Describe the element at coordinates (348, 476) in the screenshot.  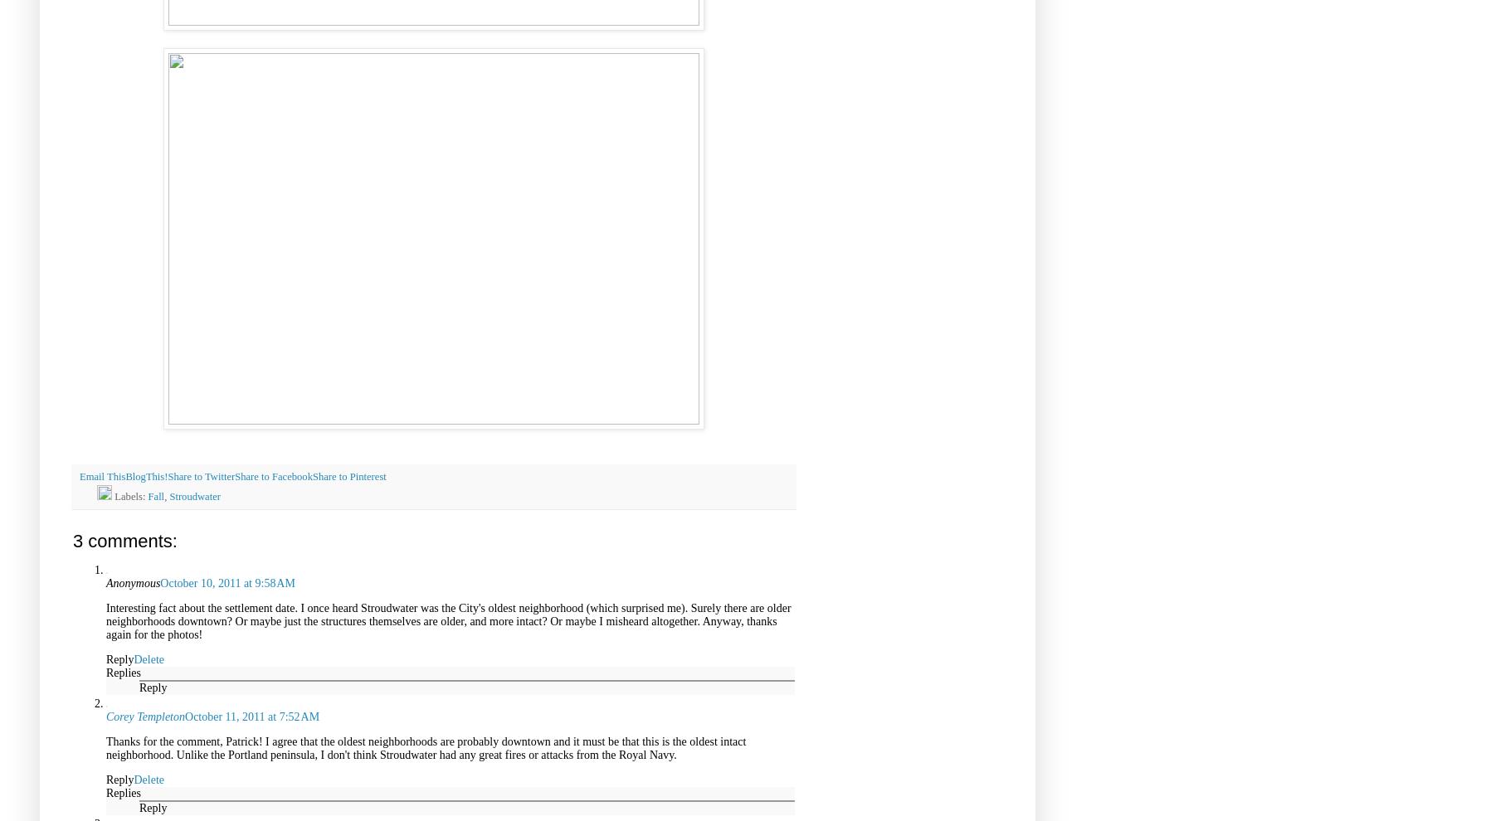
I see `'Share to Pinterest'` at that location.